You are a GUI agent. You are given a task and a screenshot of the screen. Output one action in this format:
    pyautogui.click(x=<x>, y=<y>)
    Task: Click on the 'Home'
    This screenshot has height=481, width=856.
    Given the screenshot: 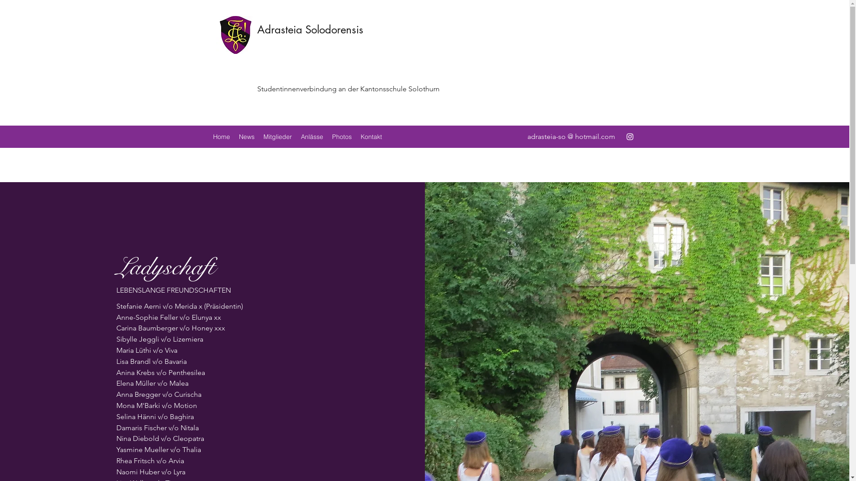 What is the action you would take?
    pyautogui.click(x=208, y=137)
    